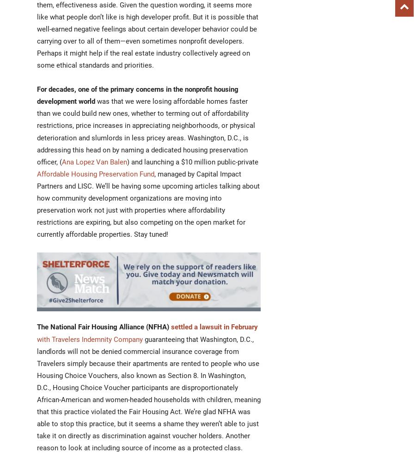 The height and width of the screenshot is (454, 416). I want to click on 'settled a lawsuit in February', so click(214, 327).